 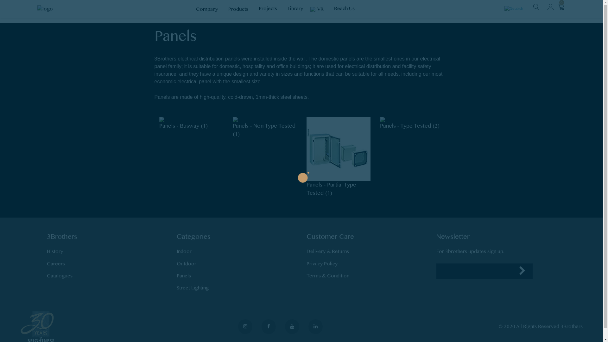 What do you see at coordinates (328, 251) in the screenshot?
I see `'Delivery & Returns'` at bounding box center [328, 251].